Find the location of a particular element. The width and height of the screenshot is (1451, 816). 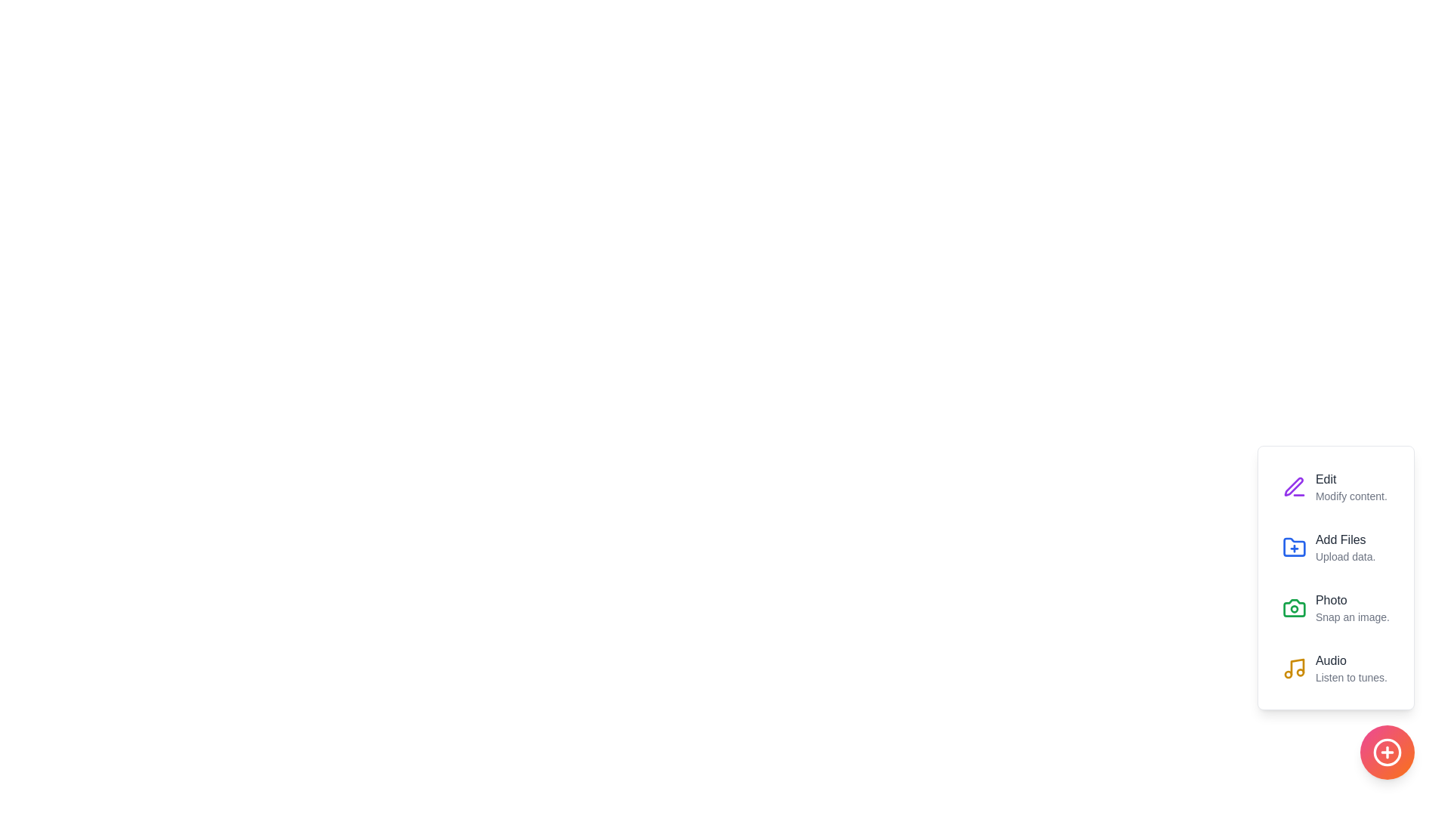

the Edit option from the menu is located at coordinates (1335, 487).